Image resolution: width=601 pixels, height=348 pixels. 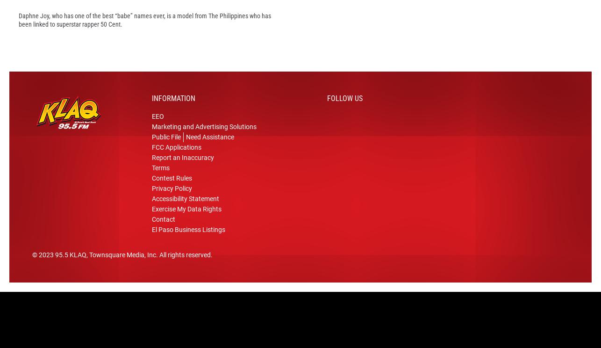 What do you see at coordinates (151, 213) in the screenshot?
I see `'Accessibility Statement'` at bounding box center [151, 213].